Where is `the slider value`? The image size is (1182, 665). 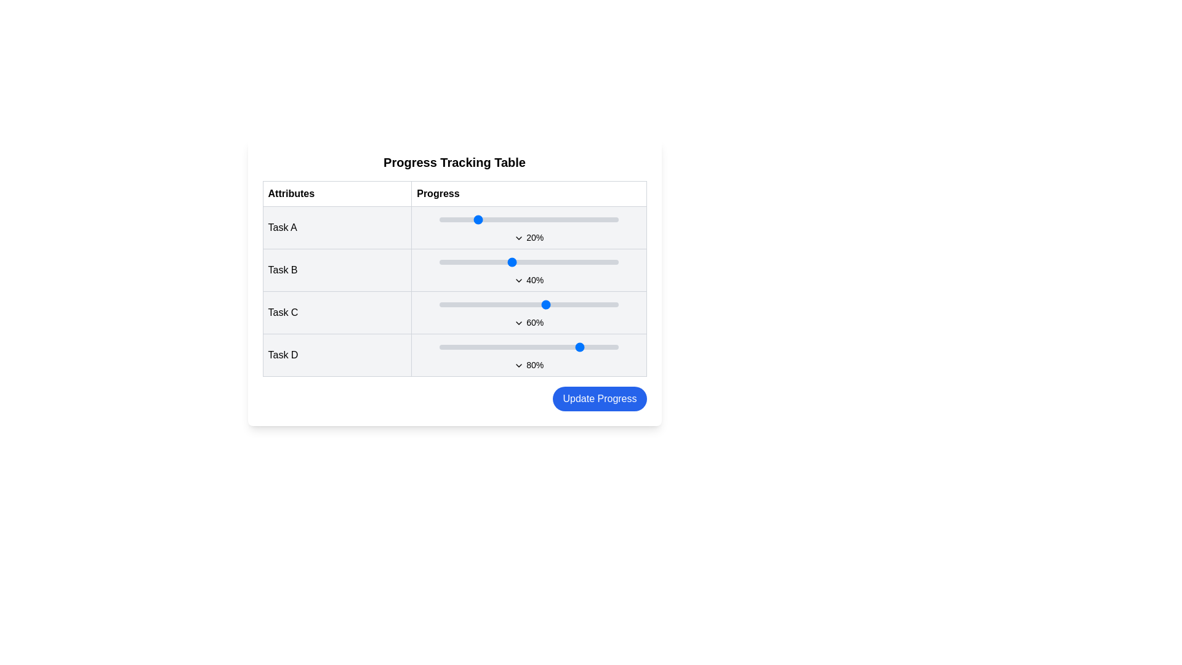 the slider value is located at coordinates (520, 219).